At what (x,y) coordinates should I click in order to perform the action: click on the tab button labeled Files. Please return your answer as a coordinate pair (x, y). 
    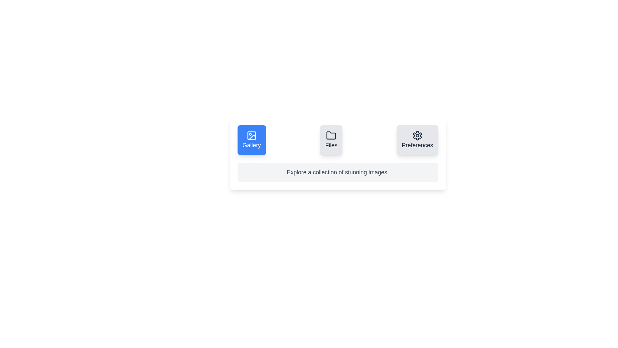
    Looking at the image, I should click on (331, 140).